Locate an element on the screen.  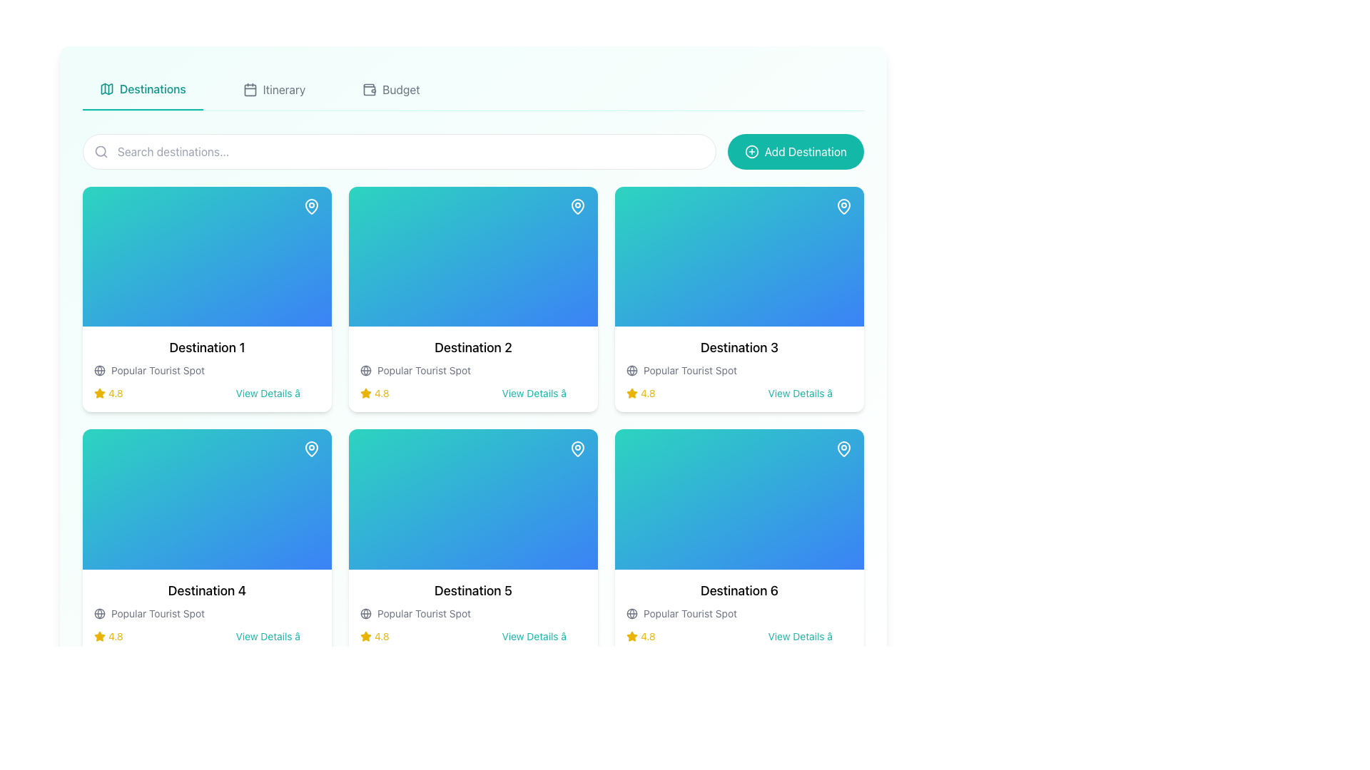
the text label displaying 'Popular Tourist Spot' in gray font, which is part of the card labeled 'Destination 5' in the second row, first column of the grid, located to the right of a globe icon is located at coordinates (423, 612).